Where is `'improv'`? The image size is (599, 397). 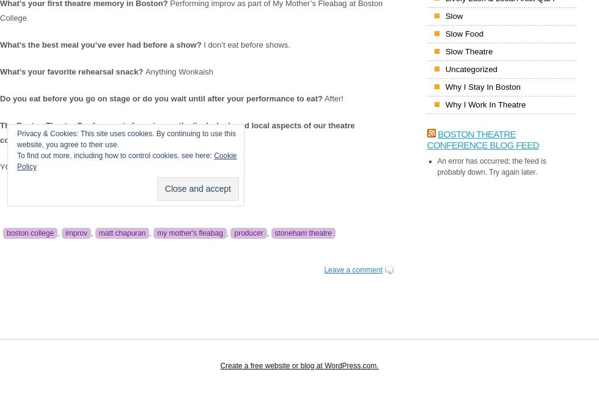
'improv' is located at coordinates (76, 233).